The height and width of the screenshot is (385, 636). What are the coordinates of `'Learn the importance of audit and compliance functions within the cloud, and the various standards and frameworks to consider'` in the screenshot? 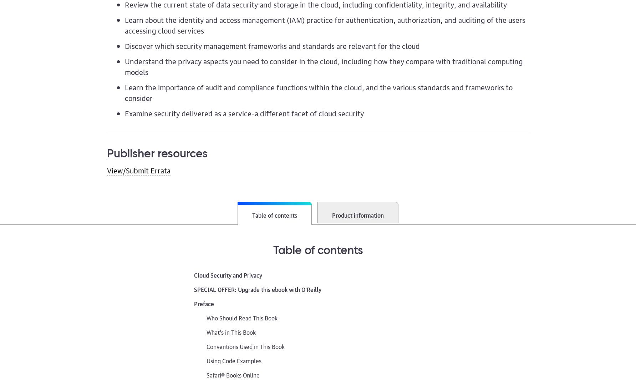 It's located at (318, 92).